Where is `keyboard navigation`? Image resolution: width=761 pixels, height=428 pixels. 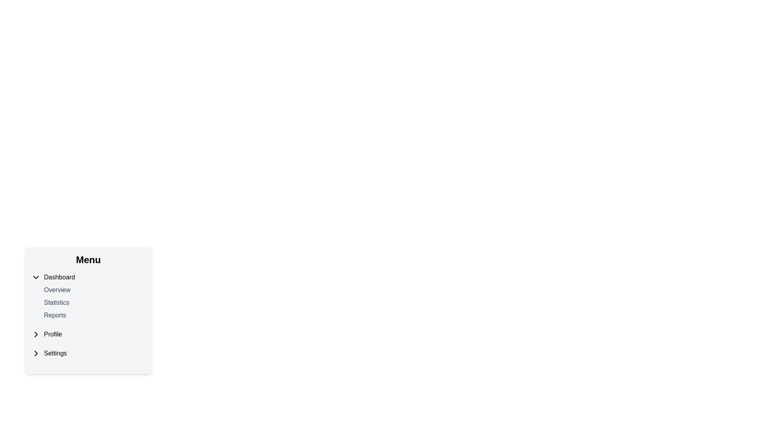 keyboard navigation is located at coordinates (93, 290).